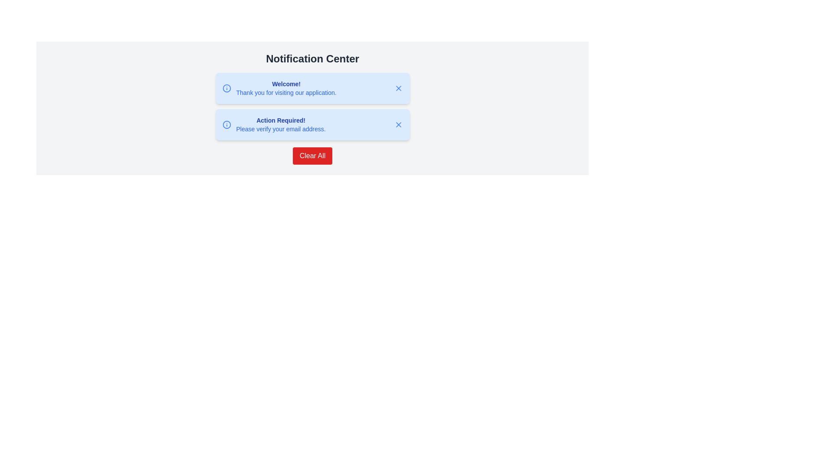 The width and height of the screenshot is (833, 468). Describe the element at coordinates (286, 92) in the screenshot. I see `the informational text label inside the notification box below 'Welcome!', which acknowledges the user for accessing the application` at that location.